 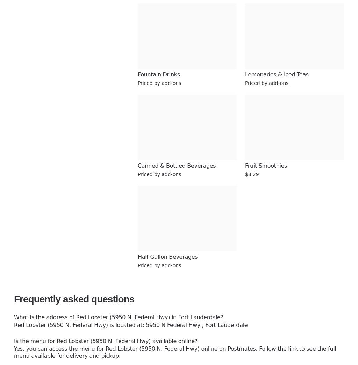 What do you see at coordinates (252, 174) in the screenshot?
I see `'$8.29'` at bounding box center [252, 174].